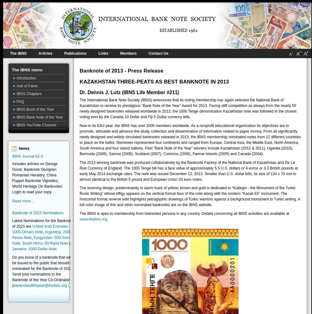 The height and width of the screenshot is (314, 312). I want to click on 'Read more...', so click(23, 200).